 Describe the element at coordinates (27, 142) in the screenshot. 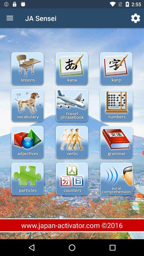

I see `open` at that location.